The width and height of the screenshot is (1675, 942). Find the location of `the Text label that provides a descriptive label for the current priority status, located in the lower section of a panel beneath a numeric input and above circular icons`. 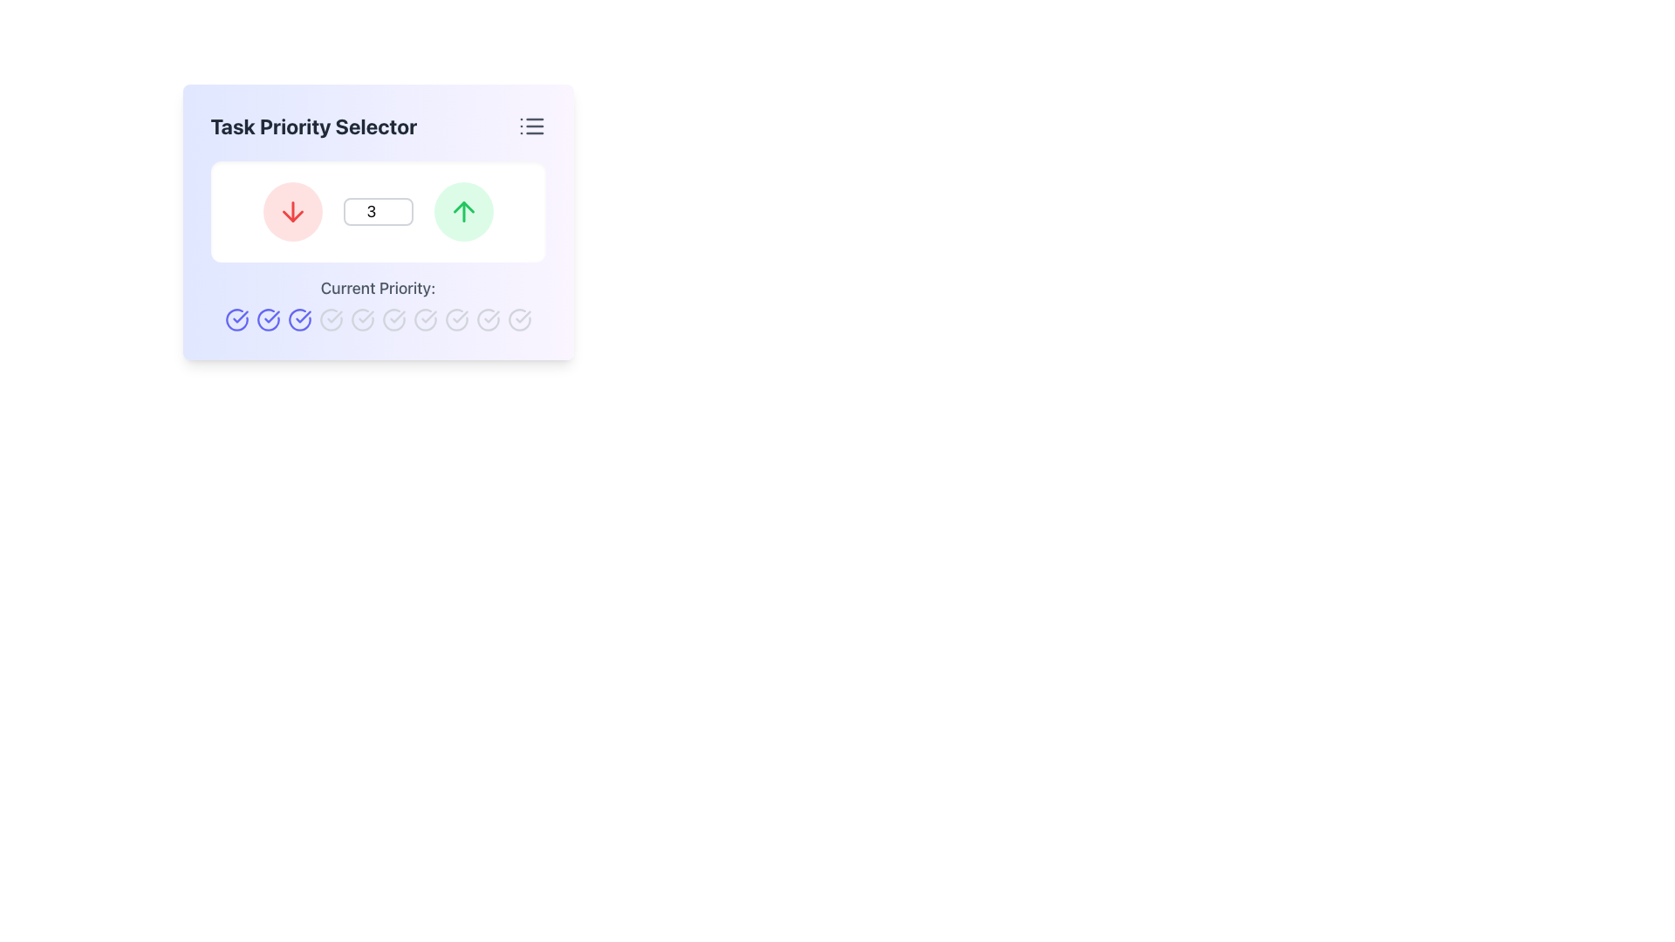

the Text label that provides a descriptive label for the current priority status, located in the lower section of a panel beneath a numeric input and above circular icons is located at coordinates (377, 288).